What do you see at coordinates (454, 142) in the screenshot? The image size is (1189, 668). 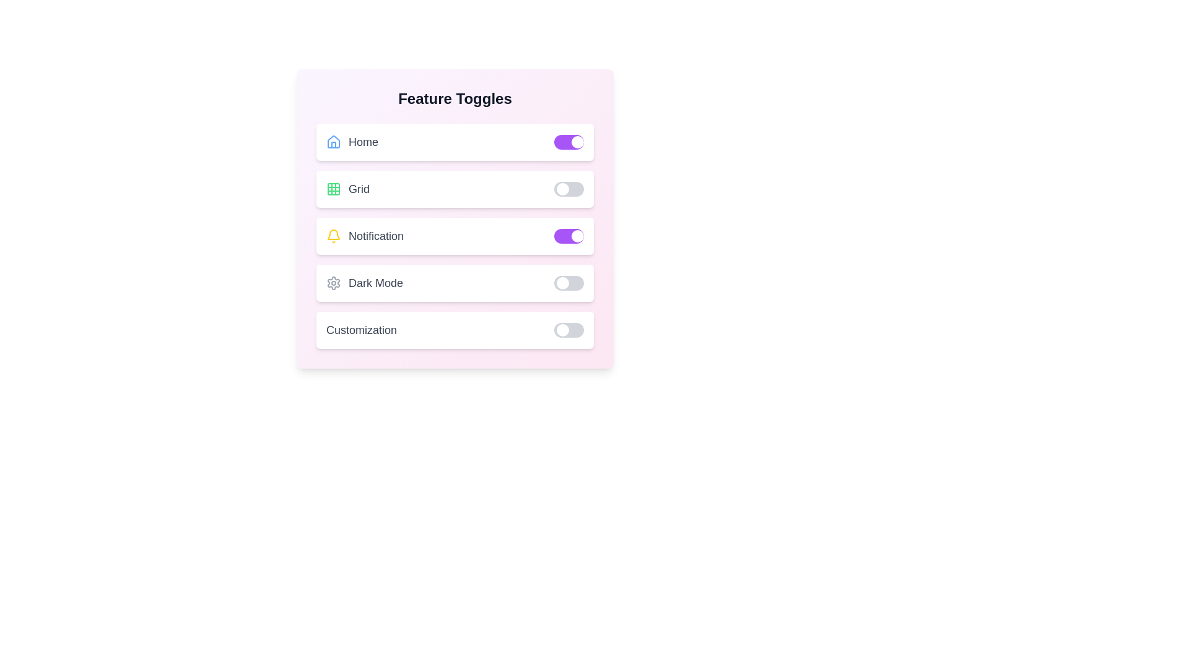 I see `the toggleable setting labeled 'Home' in the 'Feature Toggles' list` at bounding box center [454, 142].